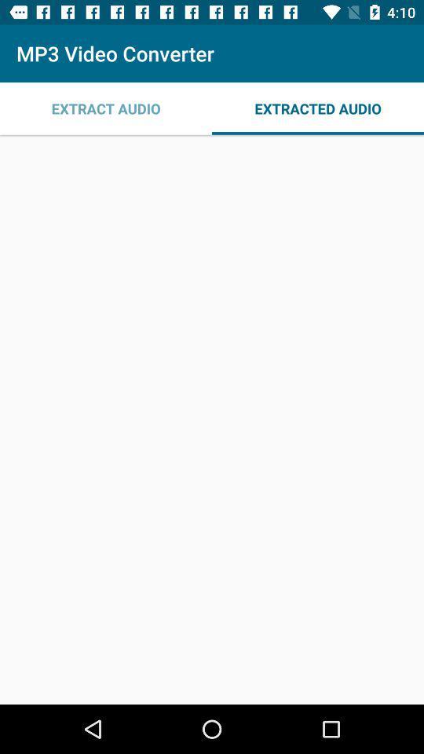 Image resolution: width=424 pixels, height=754 pixels. Describe the element at coordinates (318, 108) in the screenshot. I see `extracted audio icon` at that location.